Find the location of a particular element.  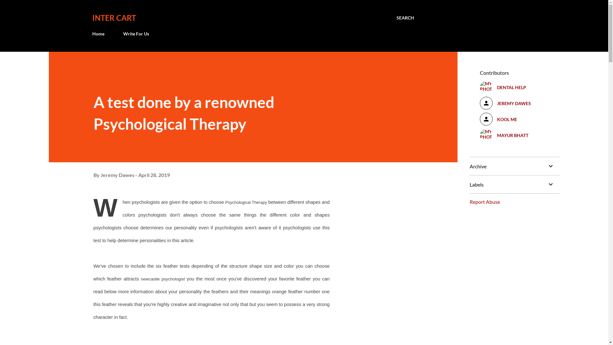

'Home' is located at coordinates (99, 34).